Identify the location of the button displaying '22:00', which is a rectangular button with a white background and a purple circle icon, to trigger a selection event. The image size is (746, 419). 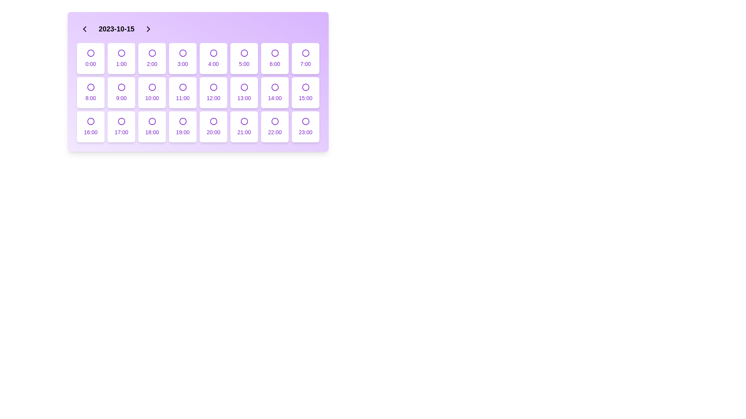
(275, 126).